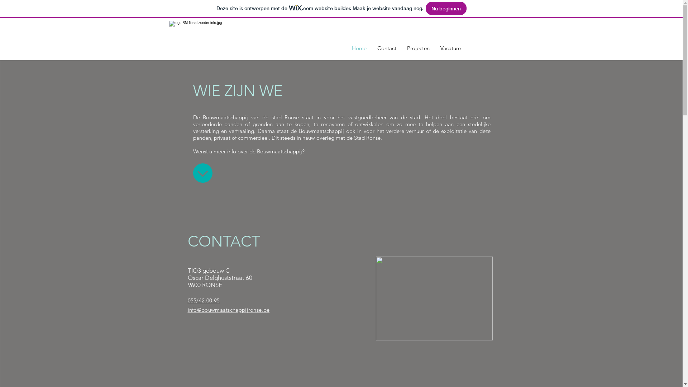  What do you see at coordinates (235, 39) in the screenshot?
I see `'logo BM finaal zonder info.png'` at bounding box center [235, 39].